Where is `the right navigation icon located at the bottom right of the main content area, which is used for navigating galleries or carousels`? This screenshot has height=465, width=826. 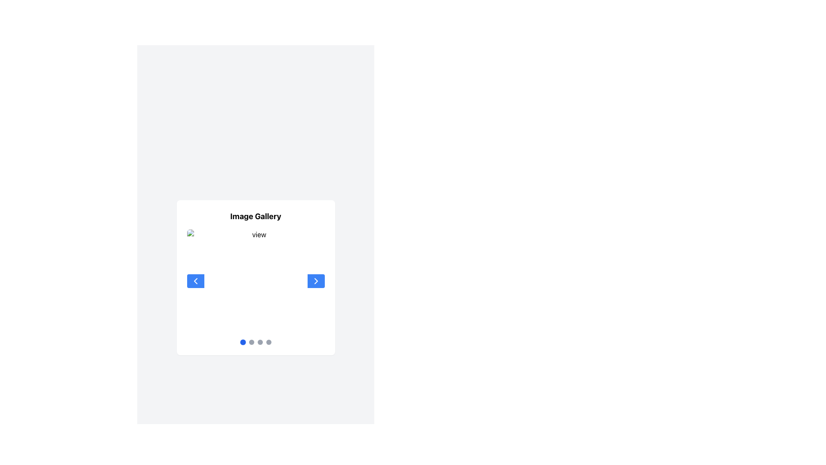
the right navigation icon located at the bottom right of the main content area, which is used for navigating galleries or carousels is located at coordinates (315, 281).